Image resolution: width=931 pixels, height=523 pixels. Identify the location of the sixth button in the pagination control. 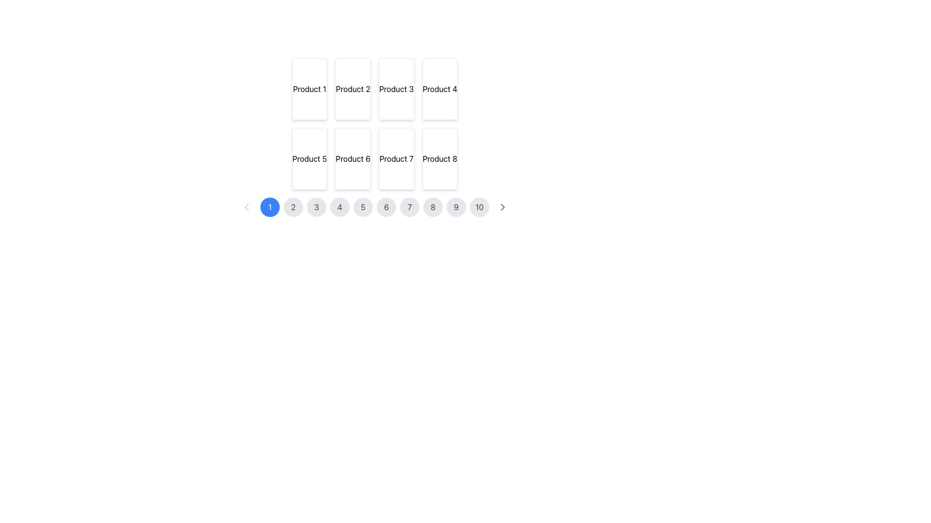
(385, 207).